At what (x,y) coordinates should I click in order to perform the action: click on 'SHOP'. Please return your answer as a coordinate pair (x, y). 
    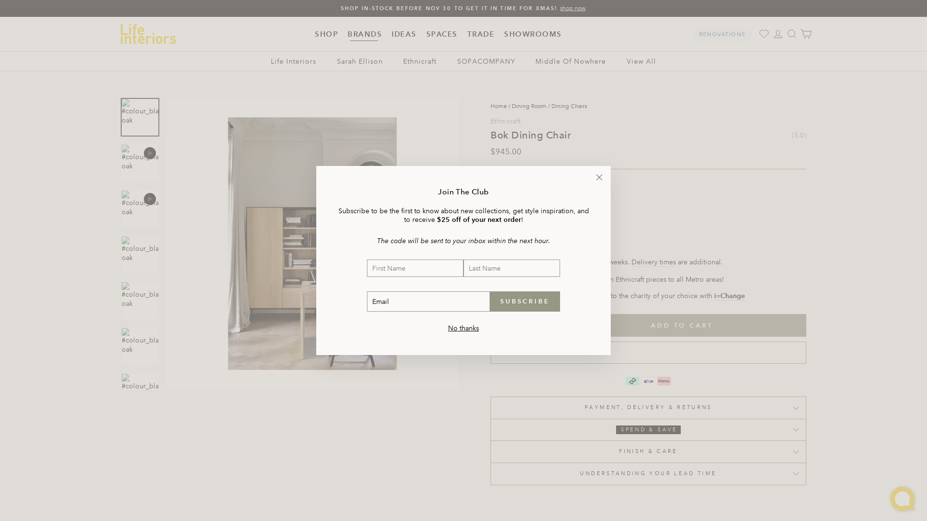
    Looking at the image, I should click on (326, 33).